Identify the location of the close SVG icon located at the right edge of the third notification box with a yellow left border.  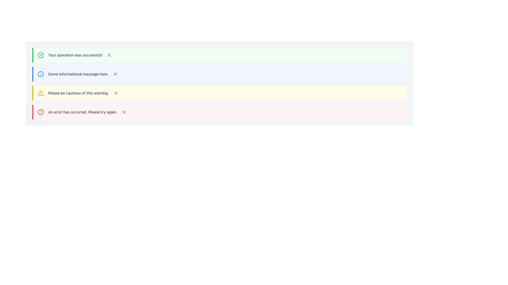
(109, 55).